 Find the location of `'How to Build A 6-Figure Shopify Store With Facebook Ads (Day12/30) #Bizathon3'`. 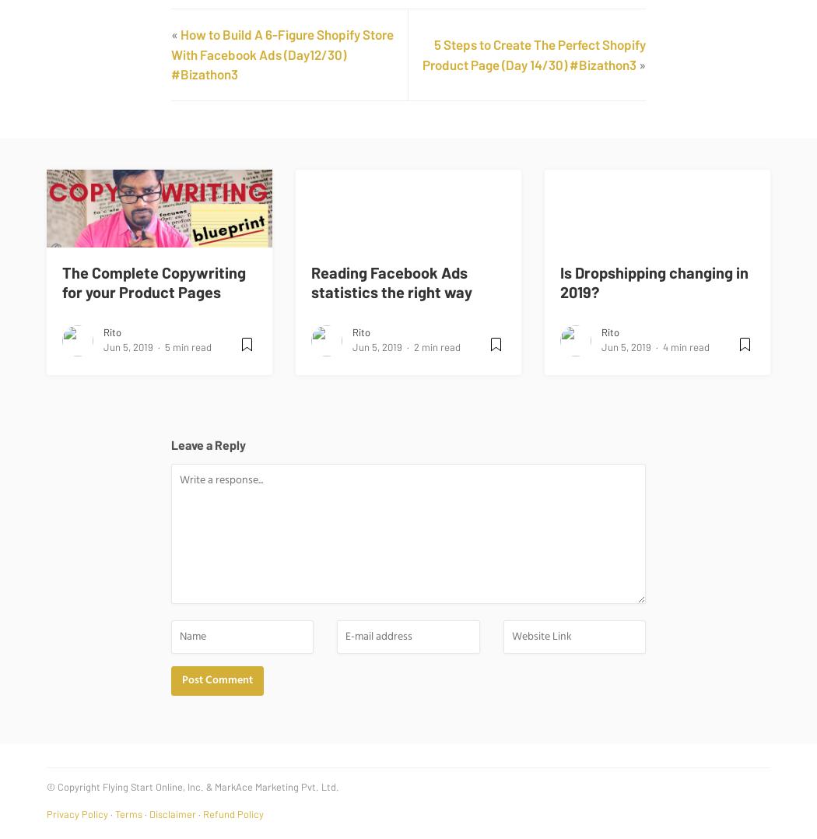

'How to Build A 6-Figure Shopify Store With Facebook Ads (Day12/30) #Bizathon3' is located at coordinates (281, 54).